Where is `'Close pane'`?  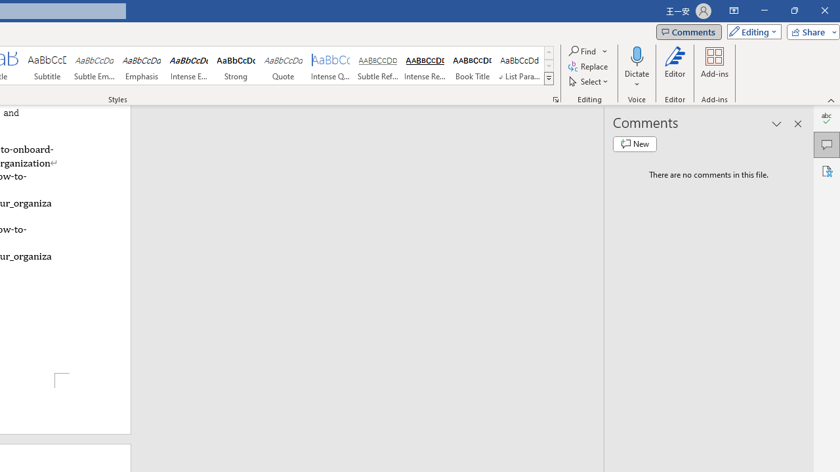
'Close pane' is located at coordinates (797, 124).